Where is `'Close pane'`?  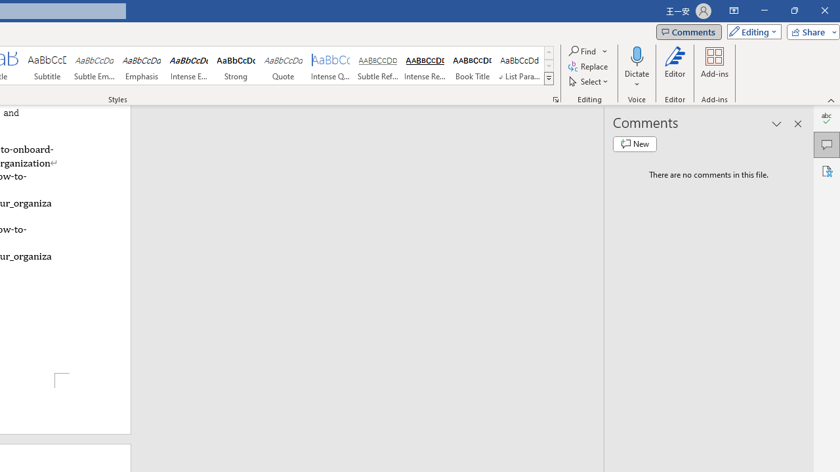
'Close pane' is located at coordinates (797, 124).